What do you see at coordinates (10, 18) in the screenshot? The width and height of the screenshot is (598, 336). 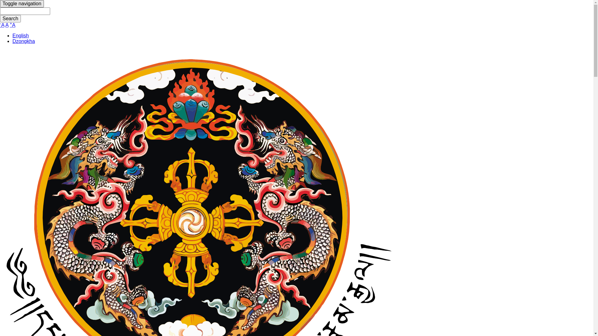 I see `'Search'` at bounding box center [10, 18].